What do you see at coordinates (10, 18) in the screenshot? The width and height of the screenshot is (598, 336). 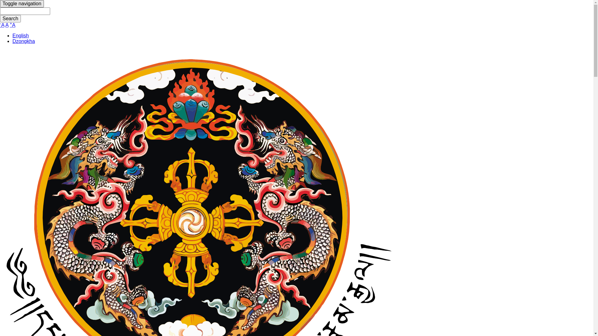 I see `'Search'` at bounding box center [10, 18].